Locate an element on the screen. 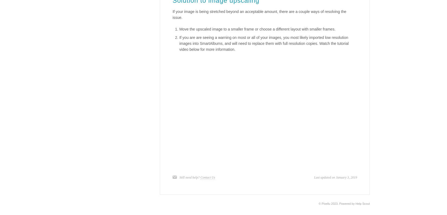 Image resolution: width=447 pixels, height=215 pixels. 'Powered by' is located at coordinates (339, 203).